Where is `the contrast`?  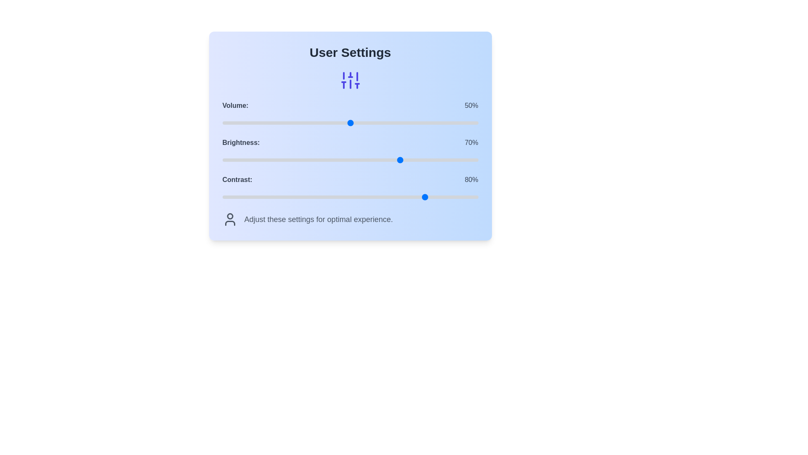
the contrast is located at coordinates (353, 197).